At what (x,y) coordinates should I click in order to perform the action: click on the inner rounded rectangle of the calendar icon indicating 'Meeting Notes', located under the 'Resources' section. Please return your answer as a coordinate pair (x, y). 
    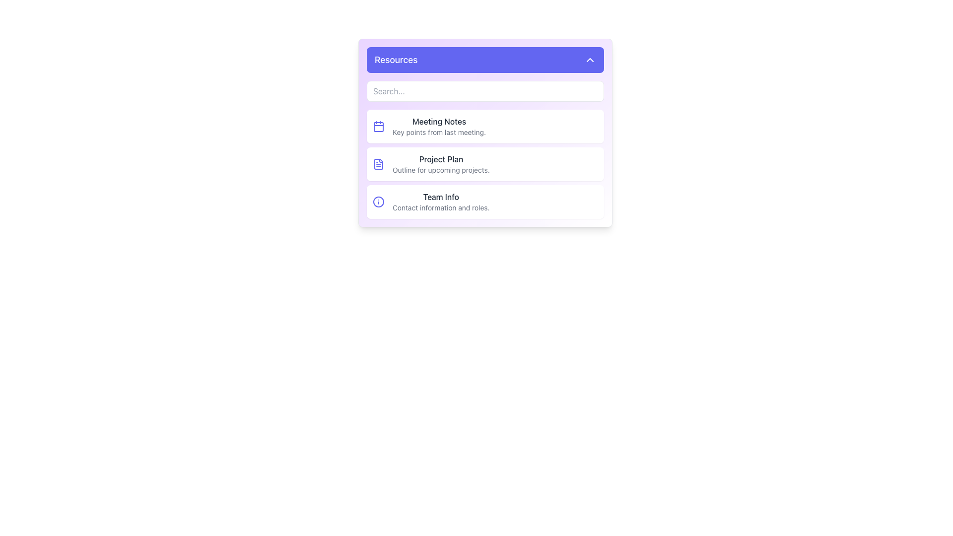
    Looking at the image, I should click on (378, 126).